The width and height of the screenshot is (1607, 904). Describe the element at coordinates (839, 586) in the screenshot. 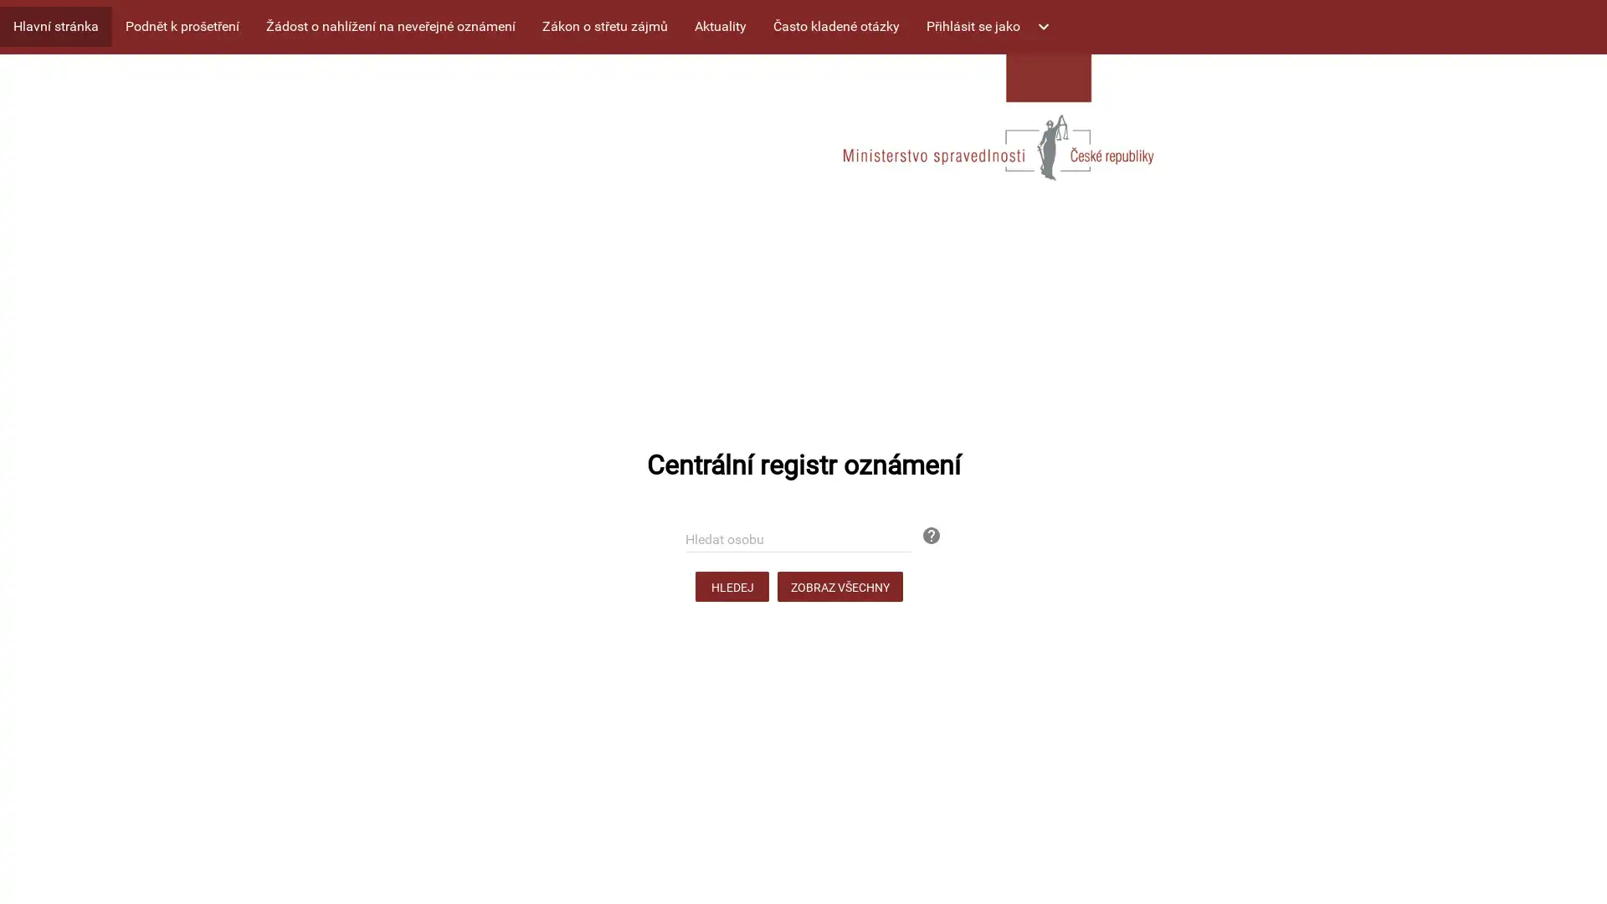

I see `ZOBRAZ VSECHNY` at that location.